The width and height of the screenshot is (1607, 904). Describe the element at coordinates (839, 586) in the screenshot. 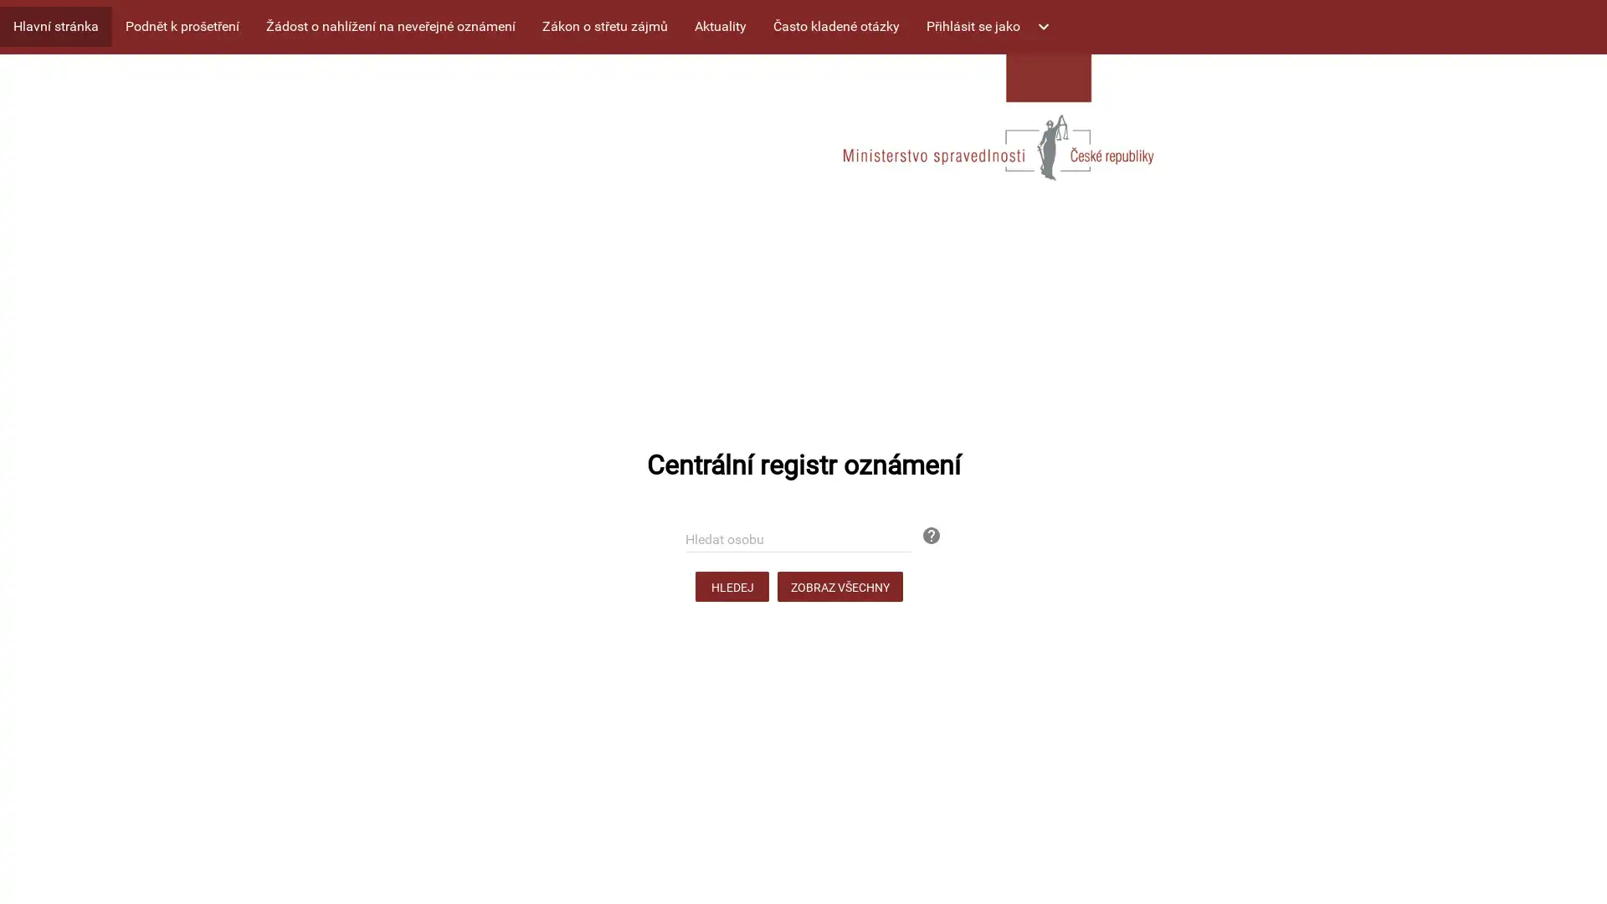

I see `ZOBRAZ VSECHNY` at that location.